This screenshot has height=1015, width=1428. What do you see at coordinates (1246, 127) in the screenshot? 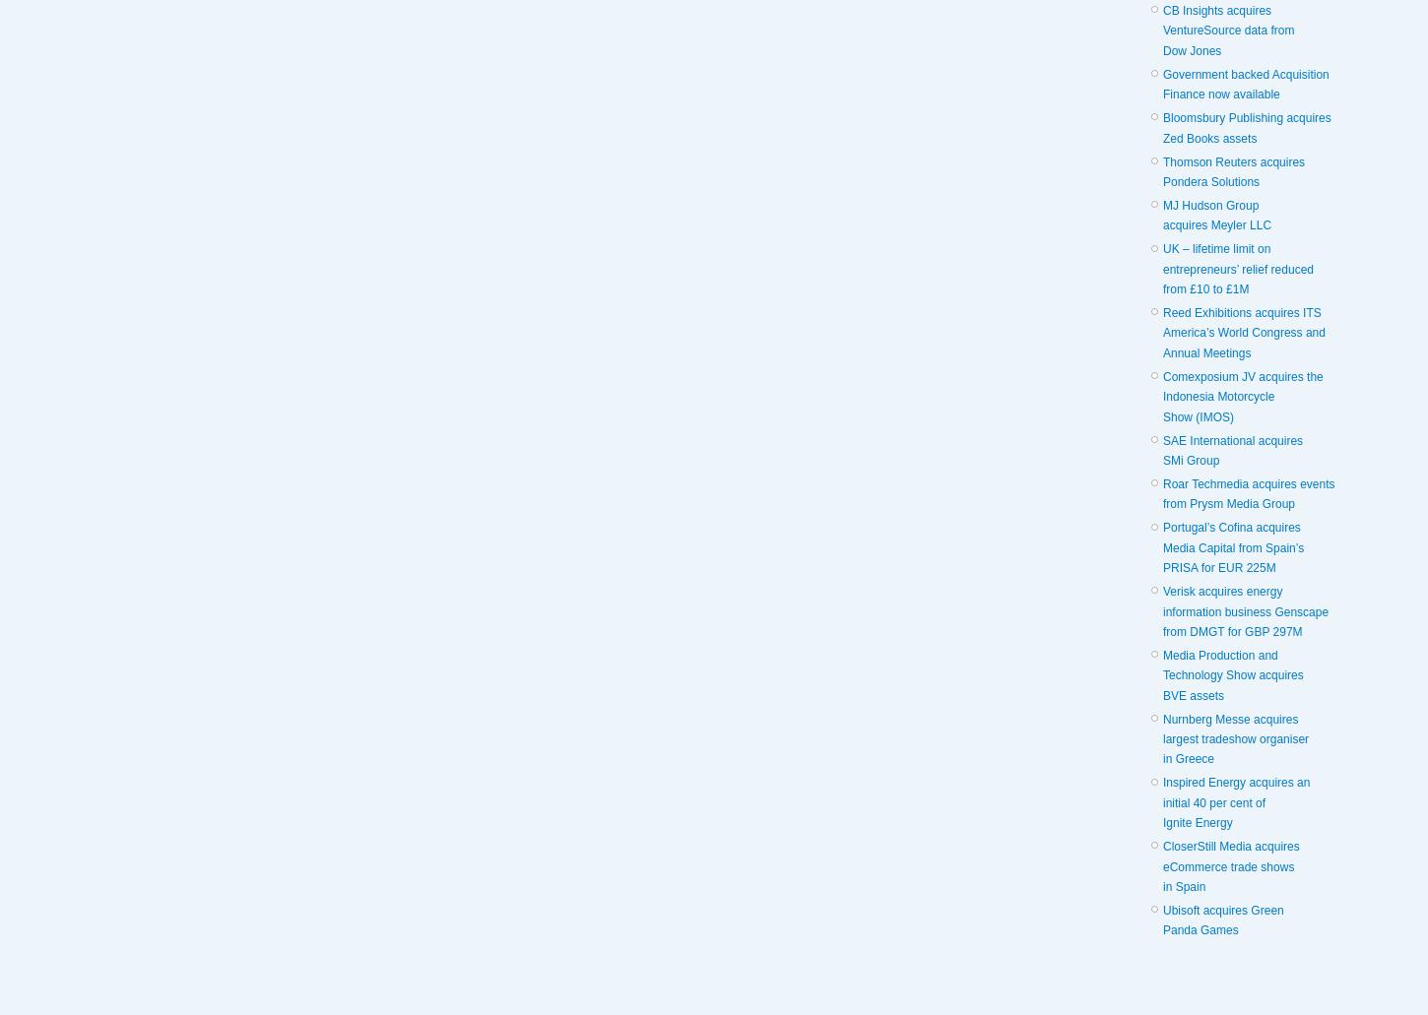
I see `'Bloomsbury Publishing acquires Zed Books assets'` at bounding box center [1246, 127].